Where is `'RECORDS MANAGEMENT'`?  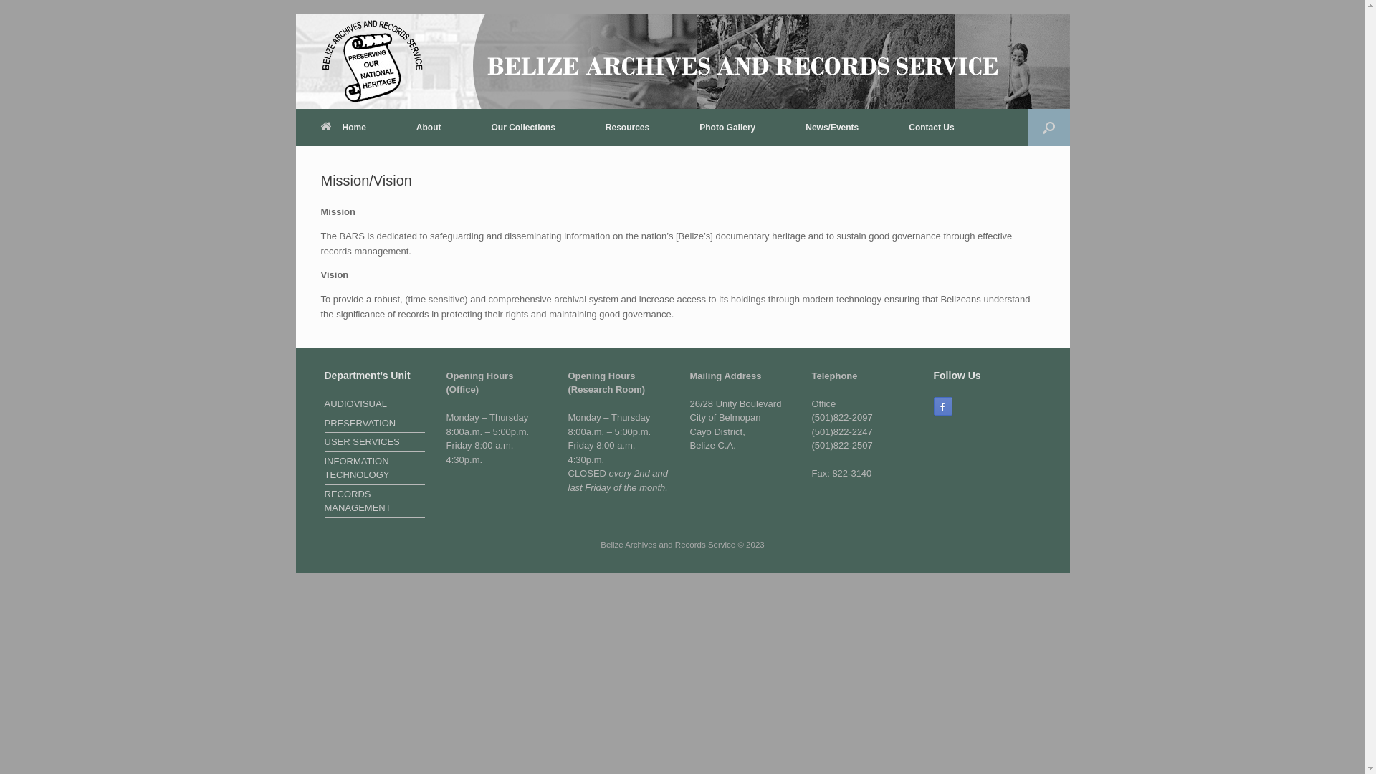
'RECORDS MANAGEMENT' is located at coordinates (374, 502).